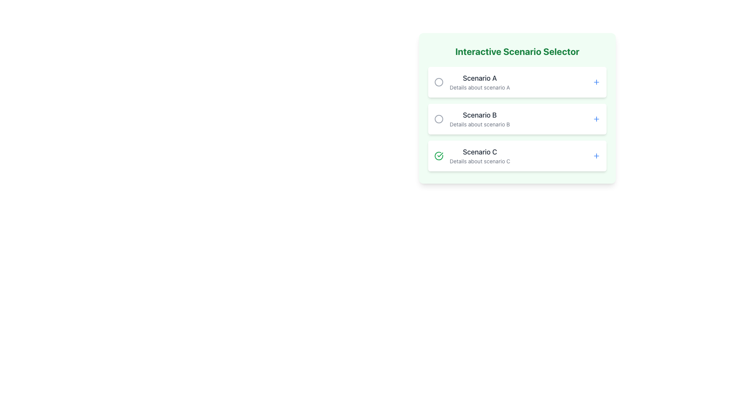 This screenshot has width=738, height=415. What do you see at coordinates (479, 156) in the screenshot?
I see `the text information displayed in the third card under 'Interactive Scenario Selector', which serves as a descriptive label or navigational marker for the scenarios` at bounding box center [479, 156].